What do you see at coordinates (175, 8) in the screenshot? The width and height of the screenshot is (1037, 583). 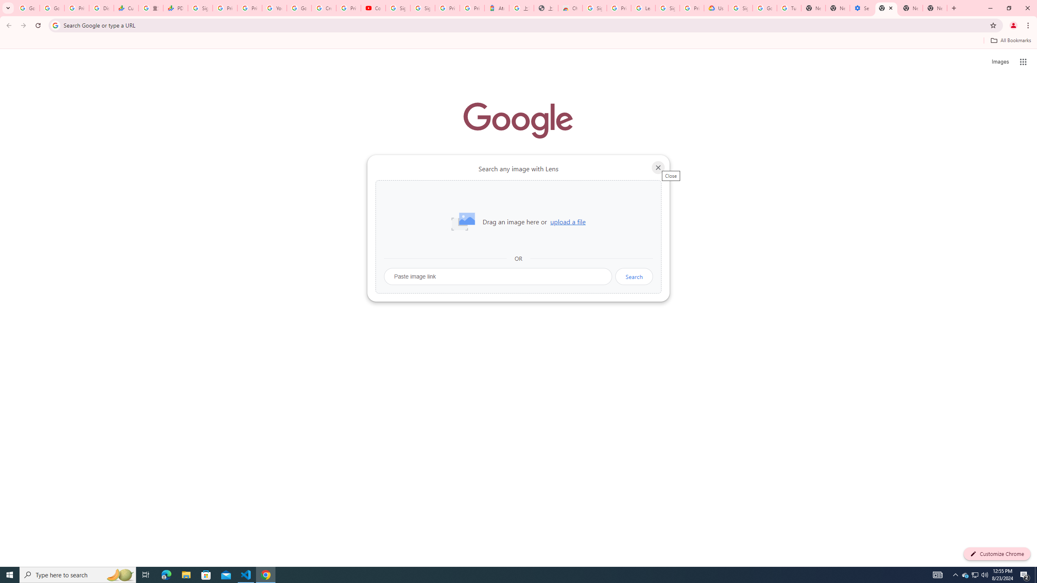 I see `'PDD Holdings Inc - ADR (PDD) Price & News - Google Finance'` at bounding box center [175, 8].